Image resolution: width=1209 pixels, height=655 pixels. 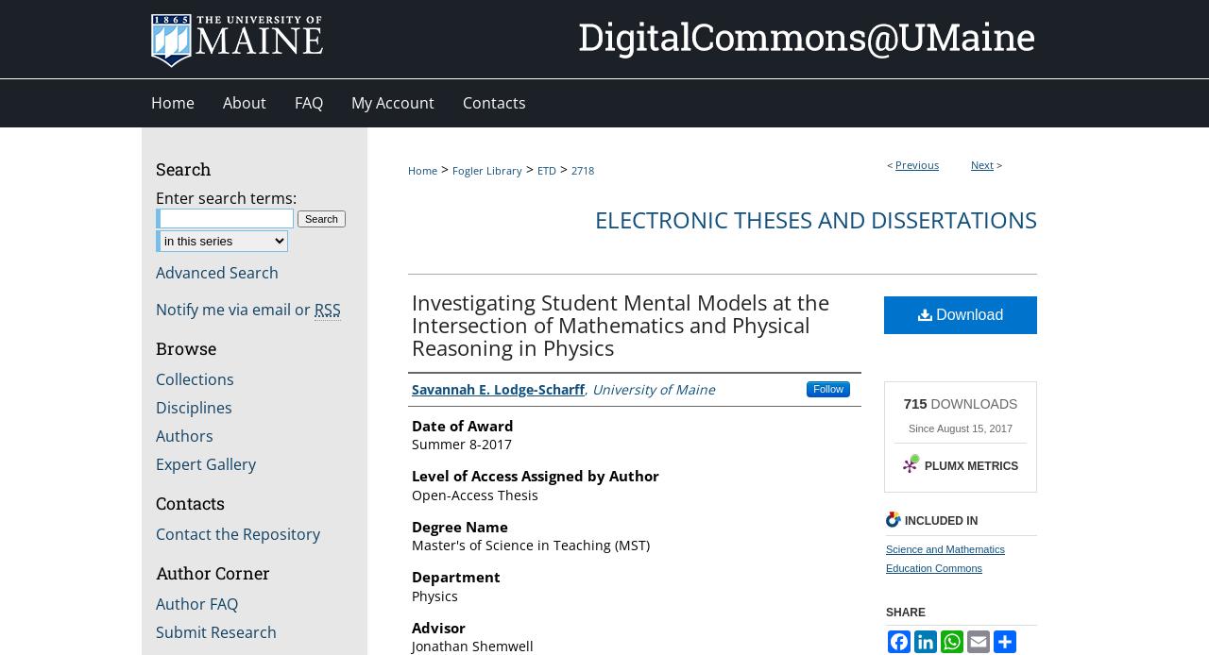 What do you see at coordinates (584, 387) in the screenshot?
I see `','` at bounding box center [584, 387].